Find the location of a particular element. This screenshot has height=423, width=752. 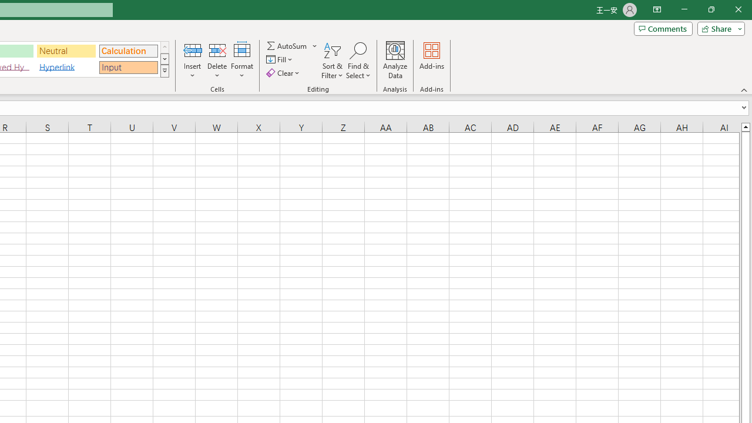

'Cell Styles' is located at coordinates (164, 70).